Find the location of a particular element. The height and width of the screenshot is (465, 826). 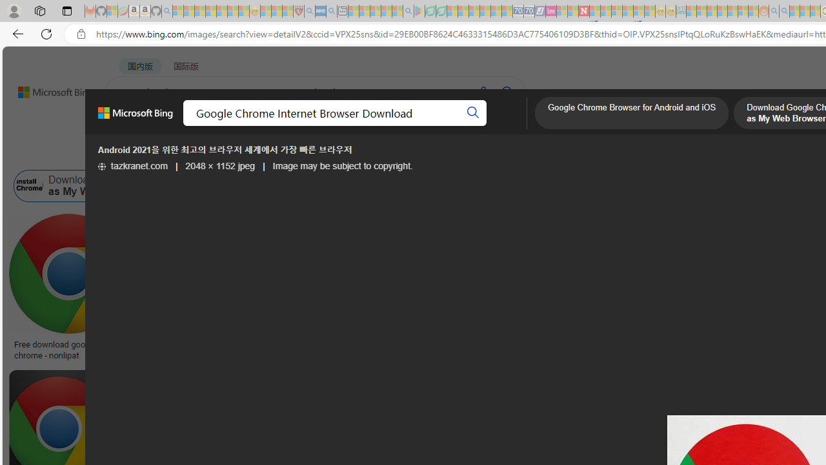

'MY BING' is located at coordinates (177, 126).